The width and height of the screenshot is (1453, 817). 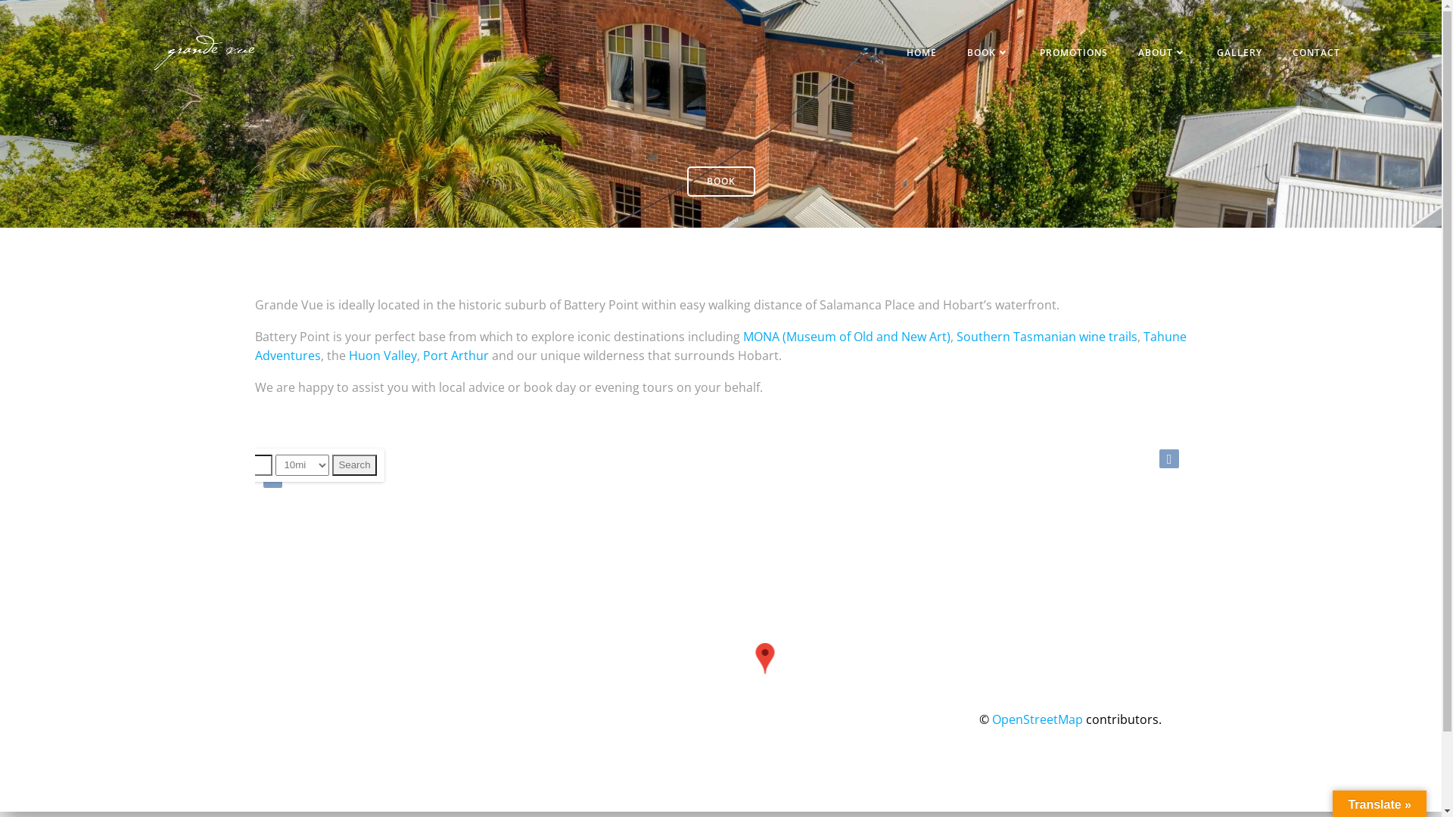 What do you see at coordinates (1239, 51) in the screenshot?
I see `'GALLERY'` at bounding box center [1239, 51].